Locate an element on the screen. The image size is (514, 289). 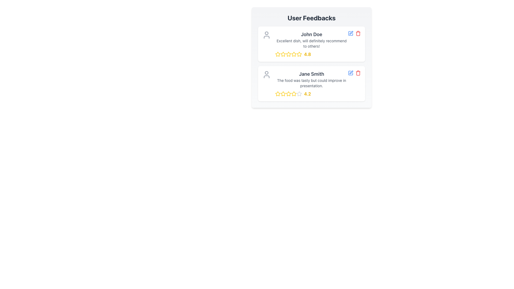
the text label that displays the numeric rating value next to the star rating group in the feedback card labeled 'John Doe' is located at coordinates (307, 54).